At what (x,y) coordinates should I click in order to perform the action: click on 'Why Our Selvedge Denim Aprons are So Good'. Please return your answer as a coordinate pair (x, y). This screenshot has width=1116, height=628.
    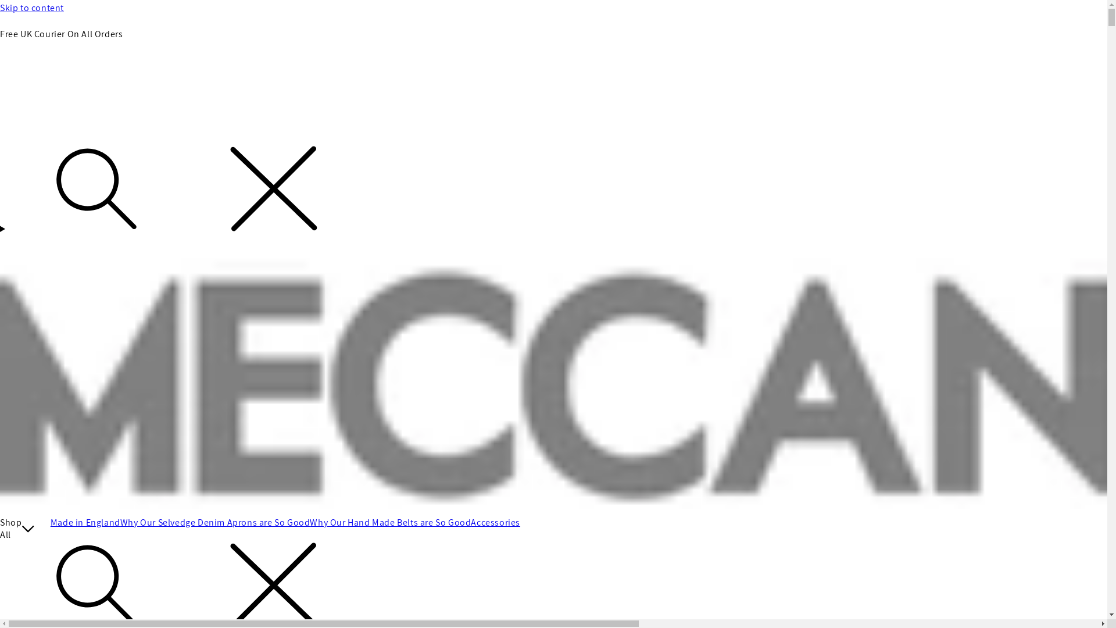
    Looking at the image, I should click on (215, 522).